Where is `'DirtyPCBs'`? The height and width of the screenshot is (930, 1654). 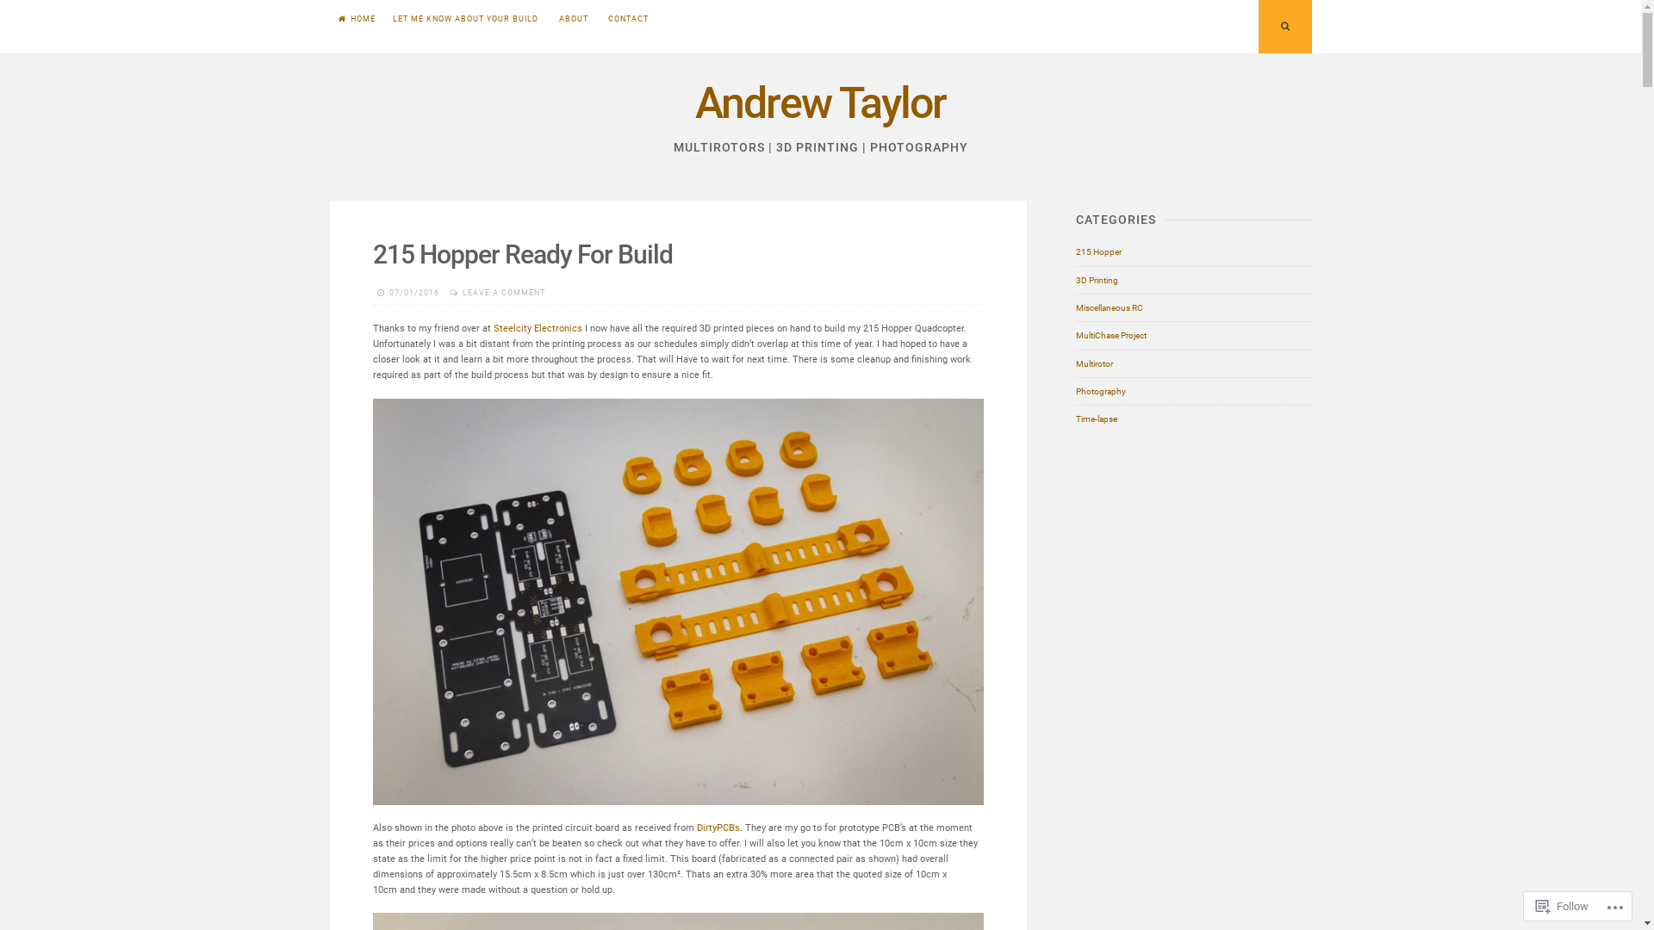
'DirtyPCBs' is located at coordinates (718, 827).